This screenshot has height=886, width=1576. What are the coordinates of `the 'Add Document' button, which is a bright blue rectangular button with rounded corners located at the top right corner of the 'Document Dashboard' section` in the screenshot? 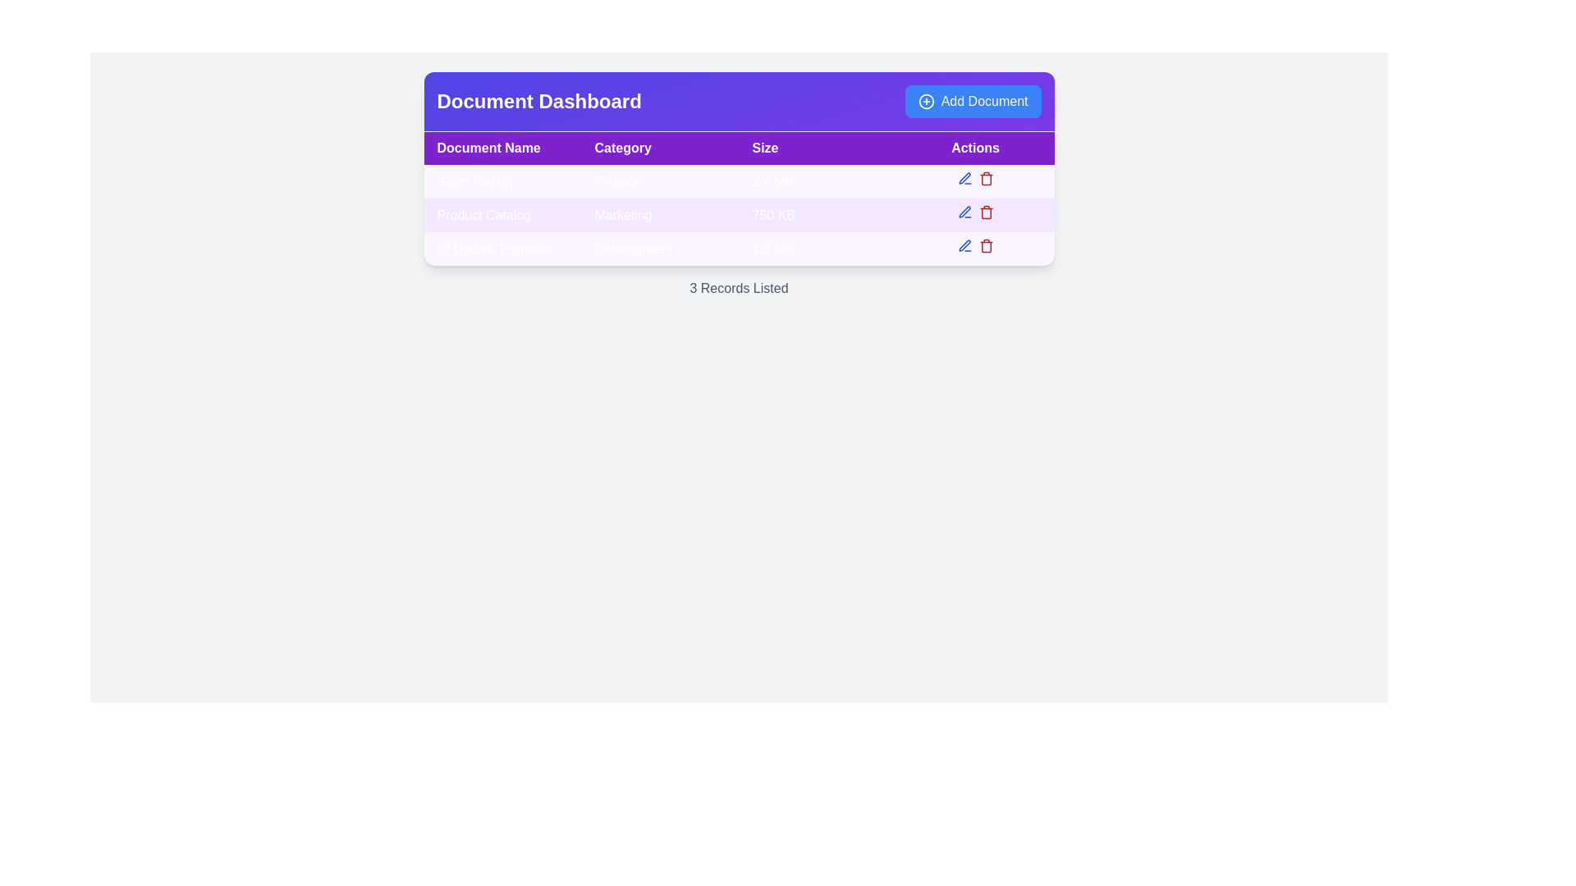 It's located at (973, 101).